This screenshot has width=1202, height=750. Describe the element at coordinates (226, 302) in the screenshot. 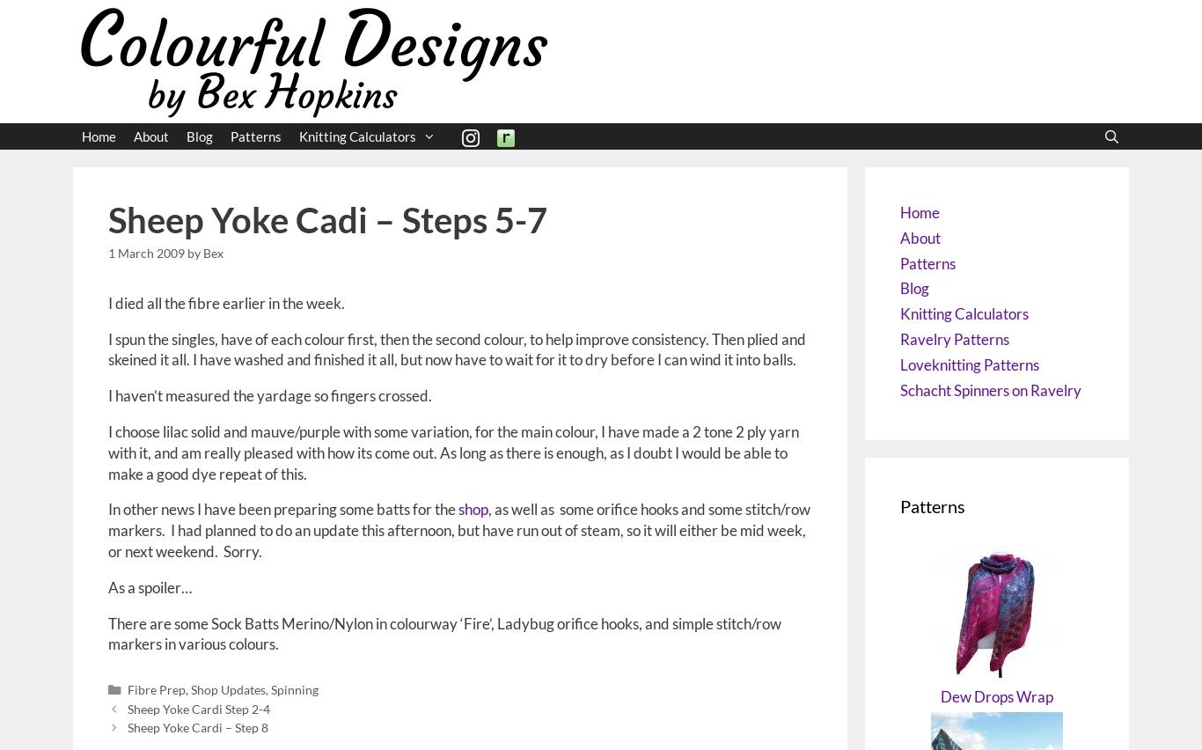

I see `'I died all the fibre earlier in the week.'` at that location.